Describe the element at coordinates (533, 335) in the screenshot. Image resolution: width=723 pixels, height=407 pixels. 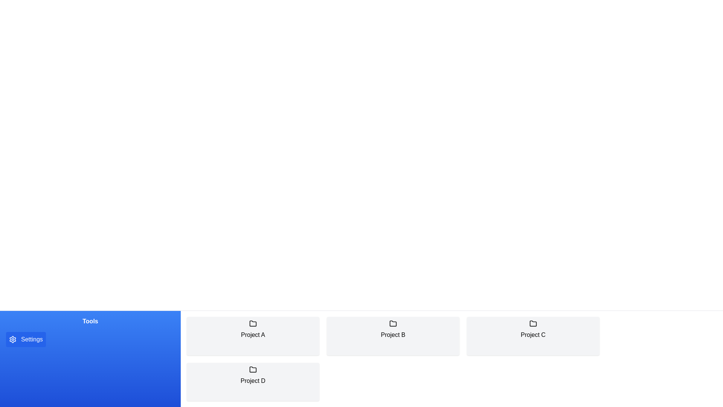
I see `the third card labeled 'Project C', which features a light gray background, rounded corners, and a black folder icon at the top with the text label 'Project C' below it` at that location.